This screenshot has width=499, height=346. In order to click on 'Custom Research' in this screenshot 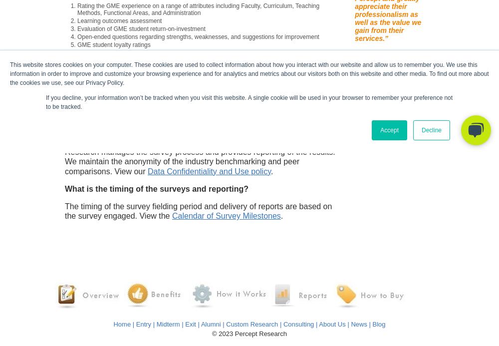, I will do `click(252, 323)`.